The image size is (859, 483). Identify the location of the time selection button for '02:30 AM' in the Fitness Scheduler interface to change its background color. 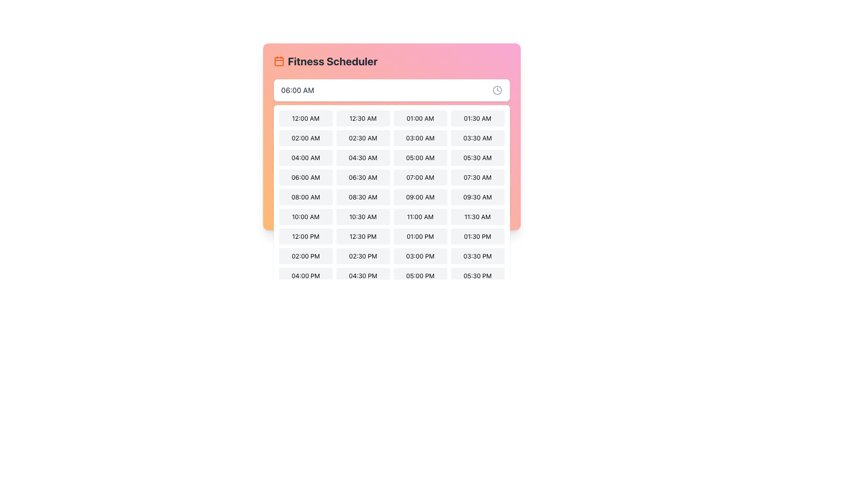
(363, 138).